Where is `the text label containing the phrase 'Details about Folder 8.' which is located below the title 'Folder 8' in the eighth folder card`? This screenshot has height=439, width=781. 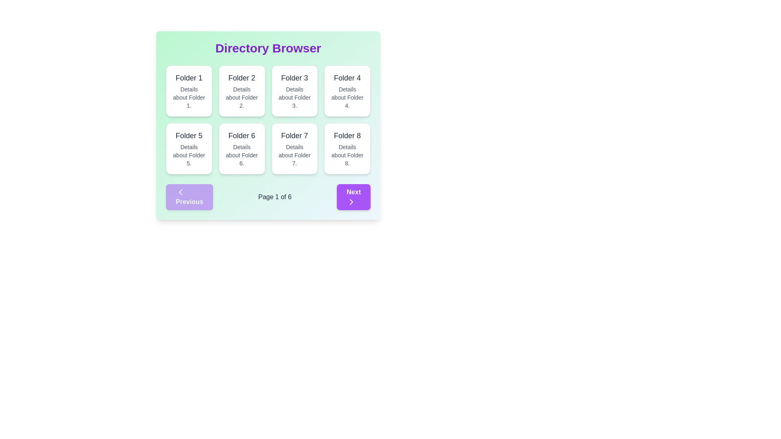
the text label containing the phrase 'Details about Folder 8.' which is located below the title 'Folder 8' in the eighth folder card is located at coordinates (347, 155).